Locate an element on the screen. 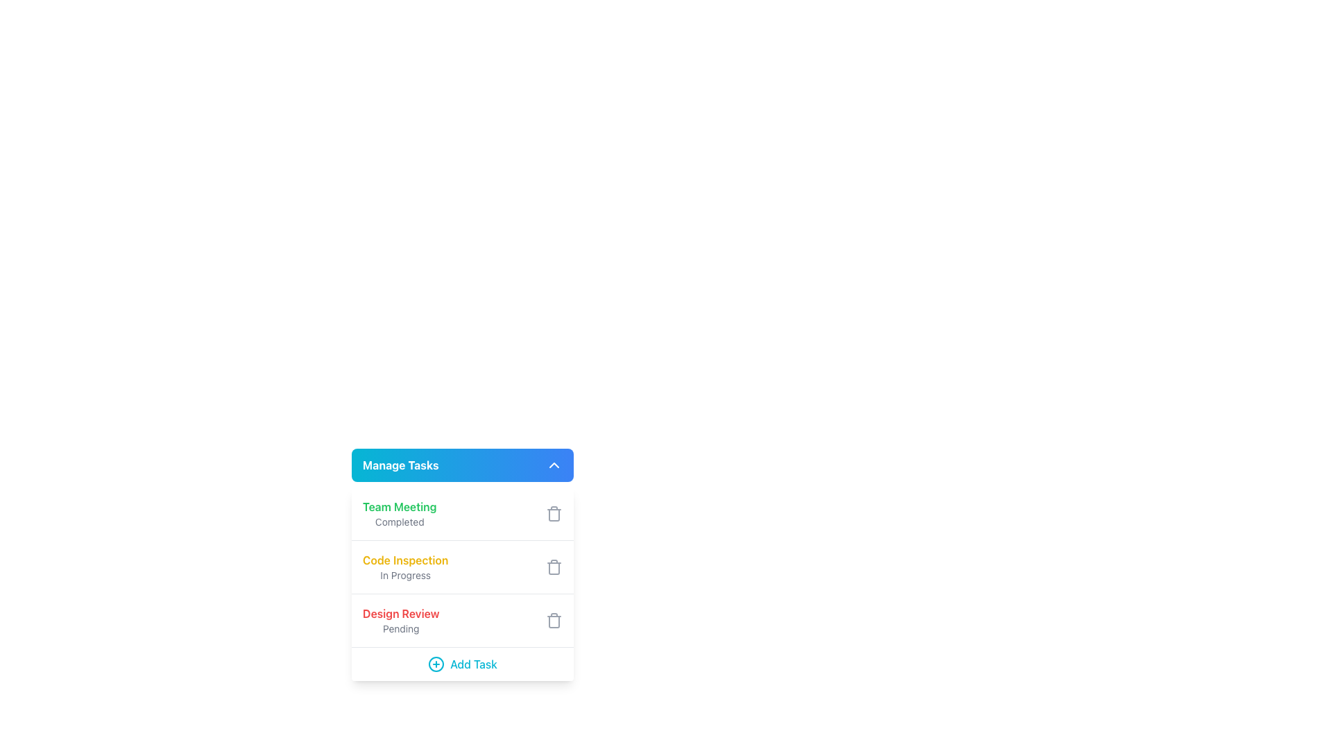 The width and height of the screenshot is (1332, 749). the 'Add Task' icon located at the bottom of the card interface, which is the leftmost component of the clickable area inviting users to add a task is located at coordinates (435, 663).